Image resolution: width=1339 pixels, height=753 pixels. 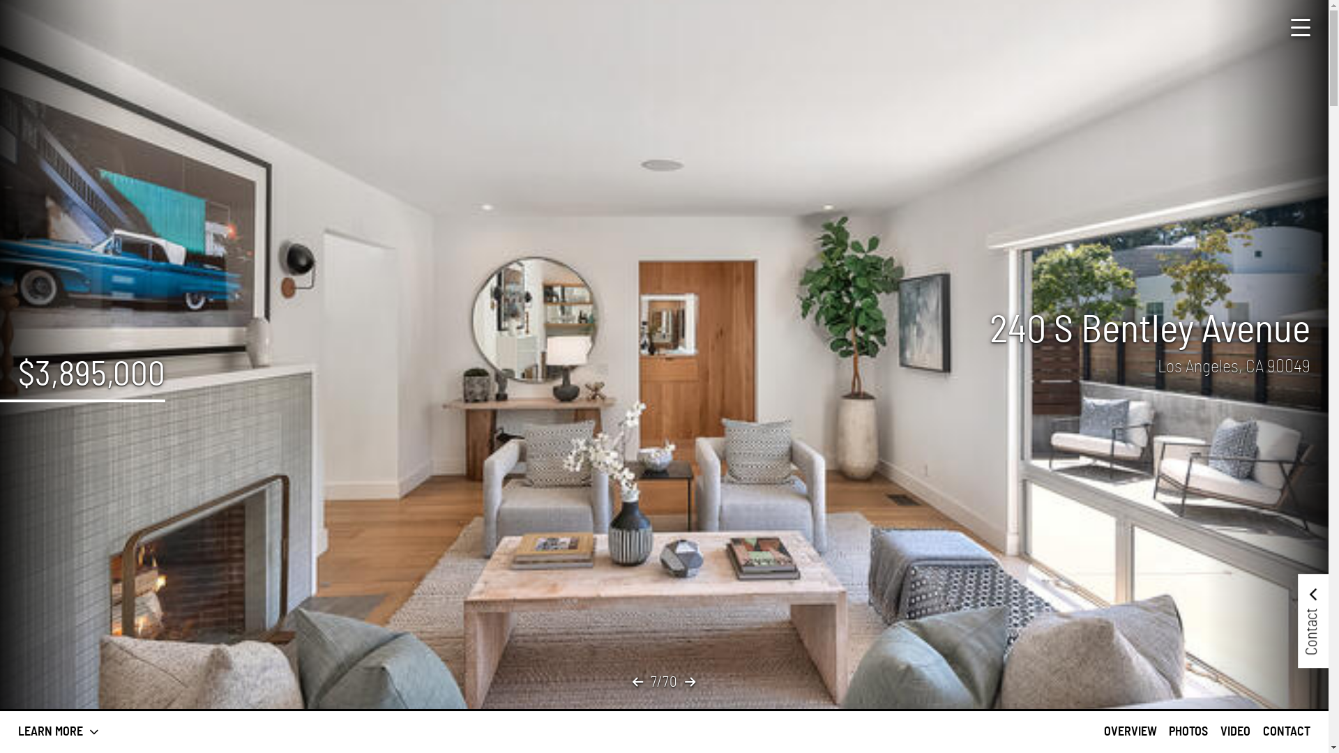 I want to click on 'PHOTOS', so click(x=1188, y=731).